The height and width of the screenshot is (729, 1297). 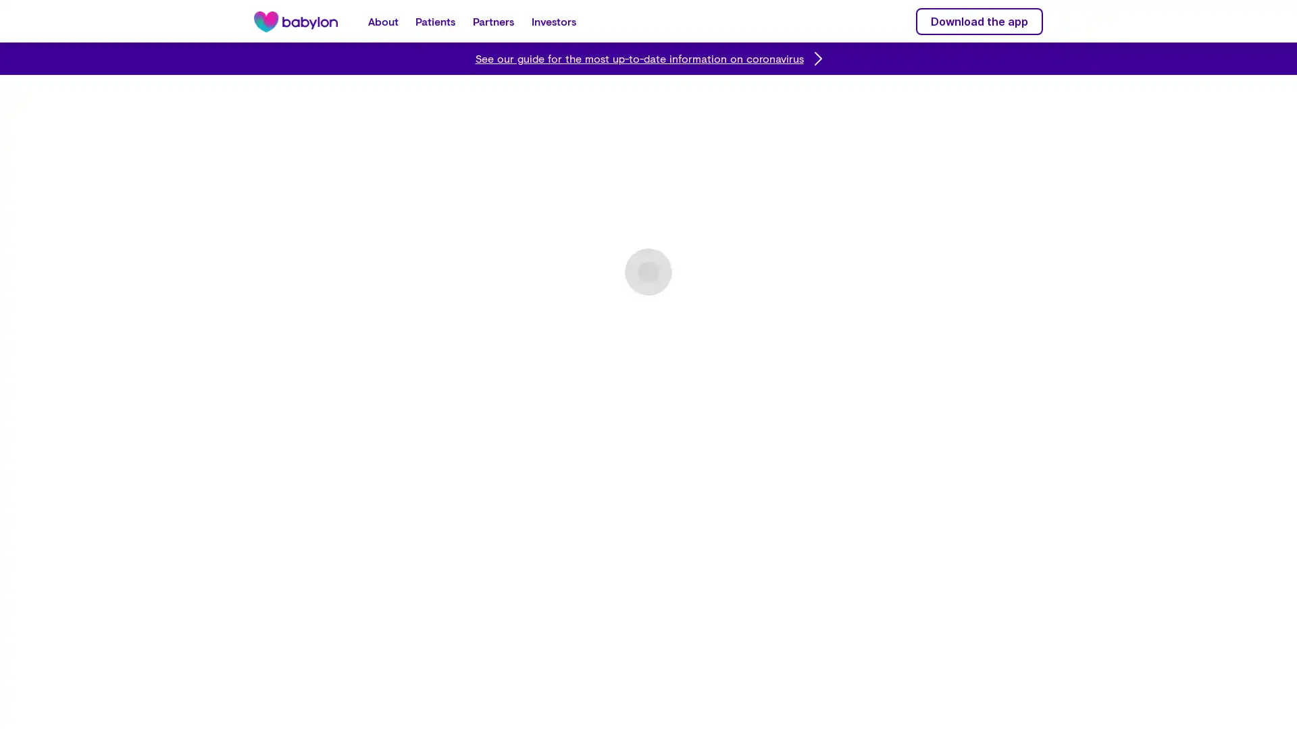 I want to click on Accept Cookies, so click(x=1092, y=699).